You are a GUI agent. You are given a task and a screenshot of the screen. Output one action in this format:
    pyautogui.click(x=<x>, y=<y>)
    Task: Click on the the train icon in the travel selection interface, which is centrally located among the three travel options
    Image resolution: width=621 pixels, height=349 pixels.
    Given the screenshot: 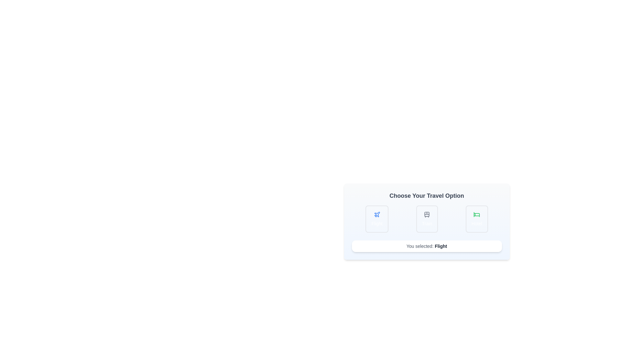 What is the action you would take?
    pyautogui.click(x=427, y=214)
    